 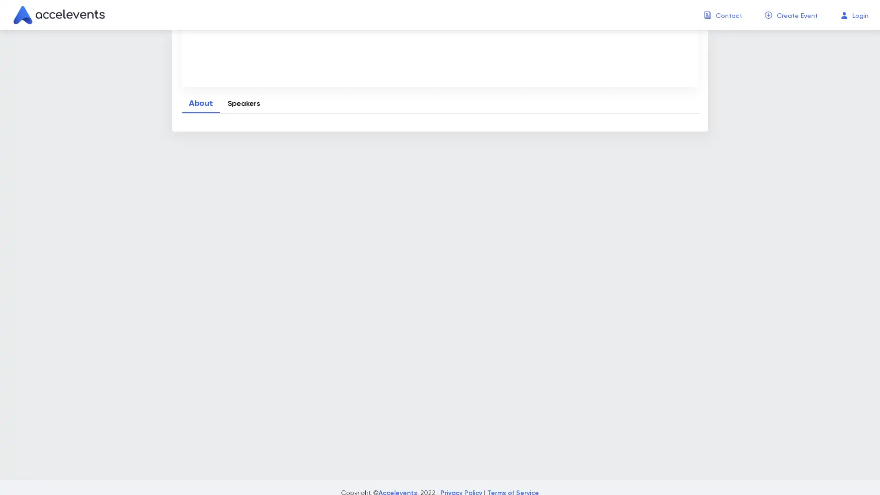 What do you see at coordinates (860, 16) in the screenshot?
I see `Login` at bounding box center [860, 16].